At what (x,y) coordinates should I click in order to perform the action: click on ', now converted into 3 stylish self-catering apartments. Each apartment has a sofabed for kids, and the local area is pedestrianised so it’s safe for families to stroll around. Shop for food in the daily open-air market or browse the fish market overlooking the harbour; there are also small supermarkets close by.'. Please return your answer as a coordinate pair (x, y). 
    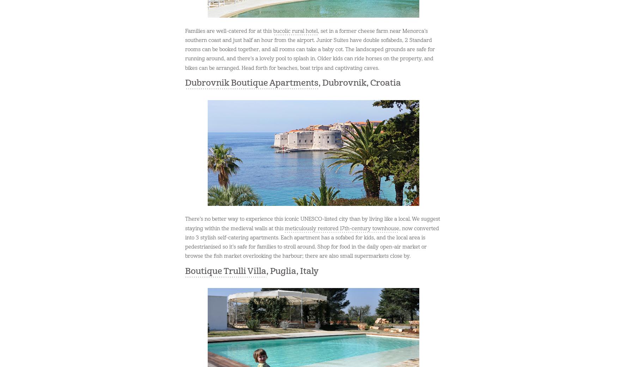
    Looking at the image, I should click on (185, 241).